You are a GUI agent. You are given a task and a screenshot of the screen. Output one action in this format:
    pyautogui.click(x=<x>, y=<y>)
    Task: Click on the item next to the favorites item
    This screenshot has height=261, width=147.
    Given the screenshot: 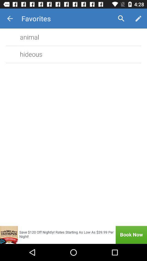 What is the action you would take?
    pyautogui.click(x=121, y=18)
    